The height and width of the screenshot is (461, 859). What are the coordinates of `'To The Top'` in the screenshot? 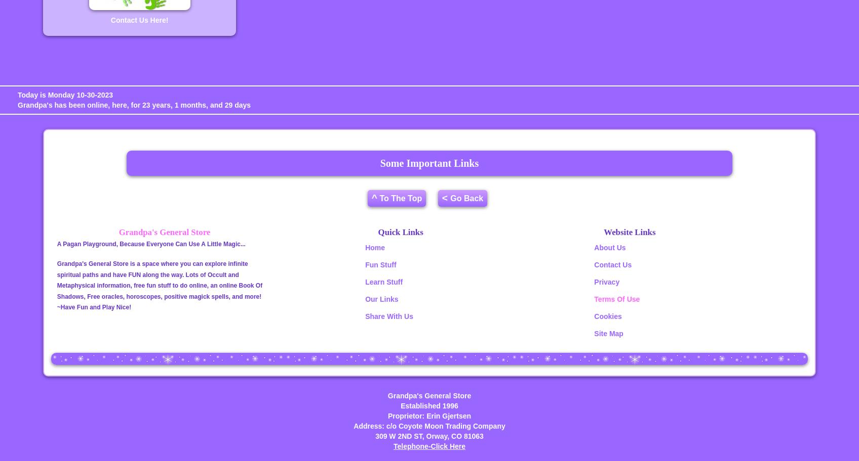 It's located at (399, 198).